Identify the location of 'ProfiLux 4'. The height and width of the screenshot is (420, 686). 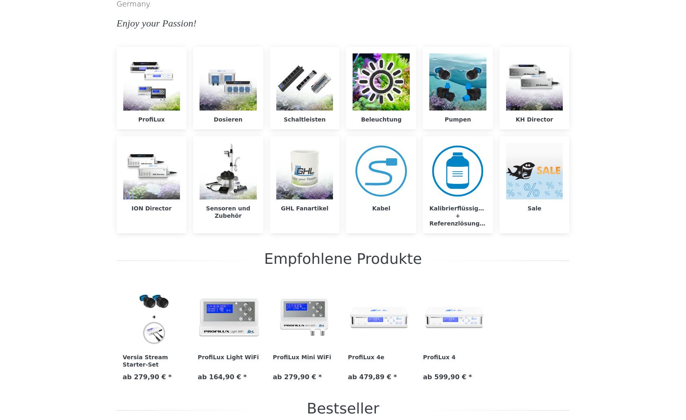
(439, 356).